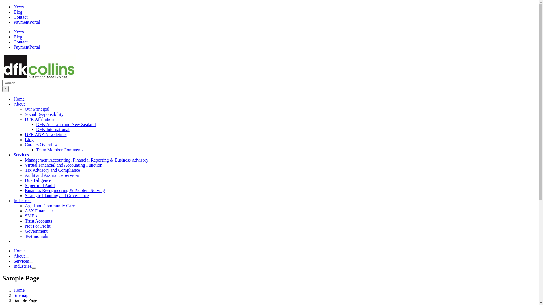 This screenshot has height=305, width=543. Describe the element at coordinates (64, 165) in the screenshot. I see `'Virtual Financial and Accounting Function'` at that location.